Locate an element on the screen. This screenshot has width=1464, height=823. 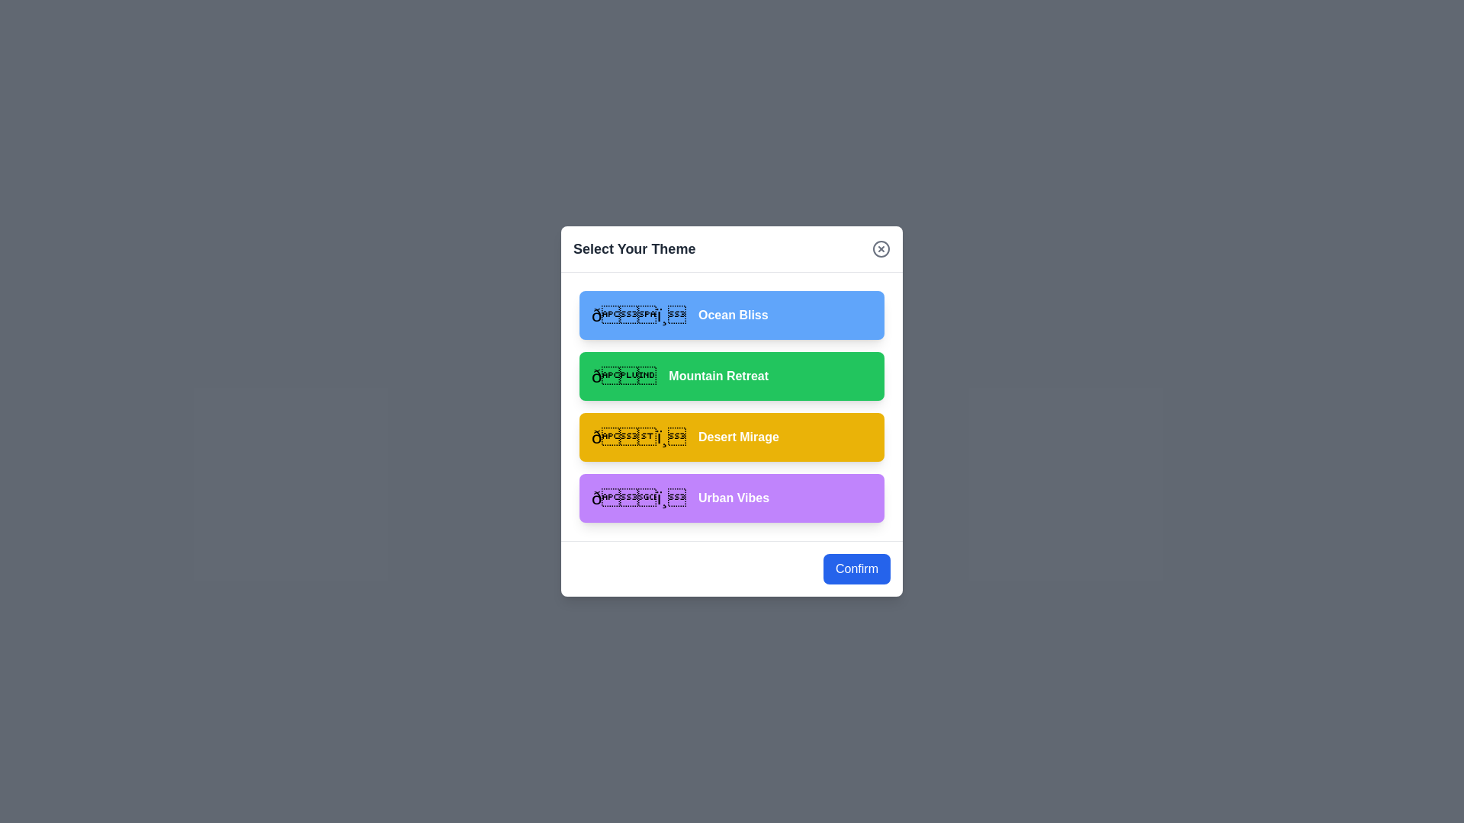
the theme Urban Vibes from the list is located at coordinates (732, 498).